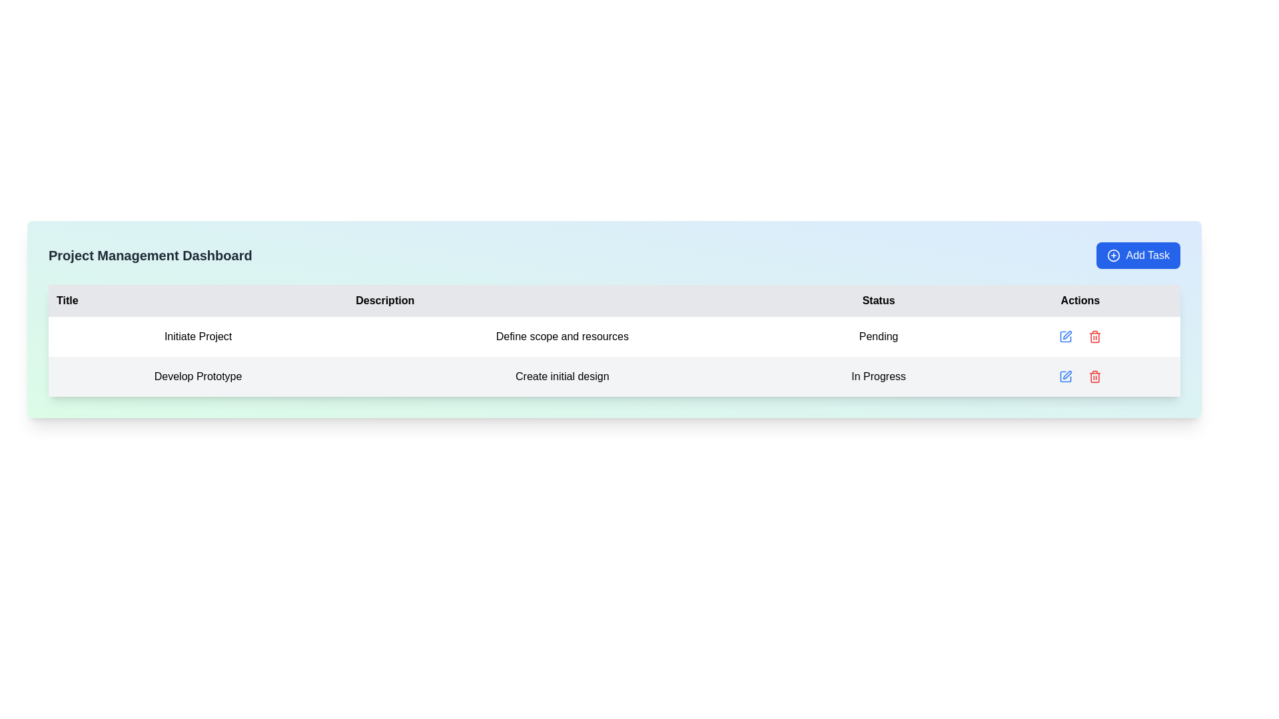  What do you see at coordinates (197, 336) in the screenshot?
I see `the text label that displays the project title, located in the top row of the table within the 'Title' column, positioned above 'Develop Prototype'` at bounding box center [197, 336].